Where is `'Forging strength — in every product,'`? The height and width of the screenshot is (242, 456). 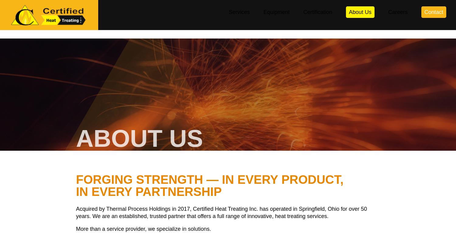 'Forging strength — in every product,' is located at coordinates (209, 179).